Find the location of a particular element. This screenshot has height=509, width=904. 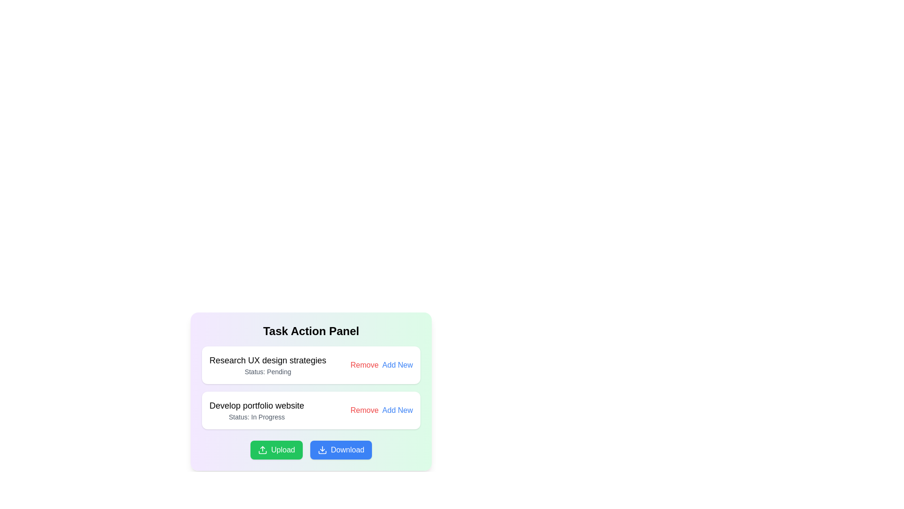

the blue text link labeled 'Add New' located next to the 'Remove' link is located at coordinates (397, 410).